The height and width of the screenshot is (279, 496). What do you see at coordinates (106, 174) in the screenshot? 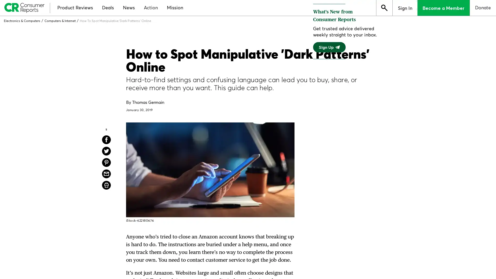
I see `email article` at bounding box center [106, 174].